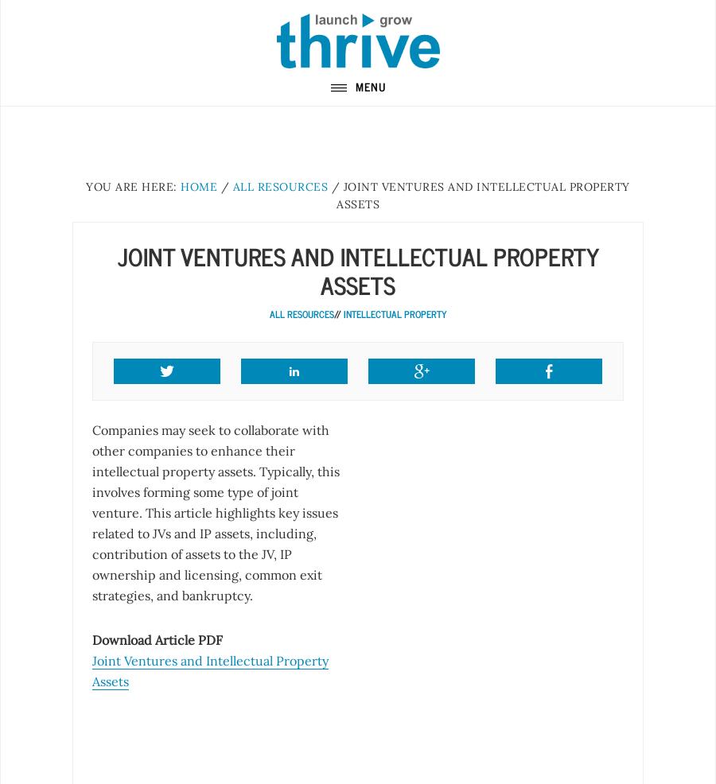 The width and height of the screenshot is (716, 784). What do you see at coordinates (393, 312) in the screenshot?
I see `'Intellectual Property'` at bounding box center [393, 312].